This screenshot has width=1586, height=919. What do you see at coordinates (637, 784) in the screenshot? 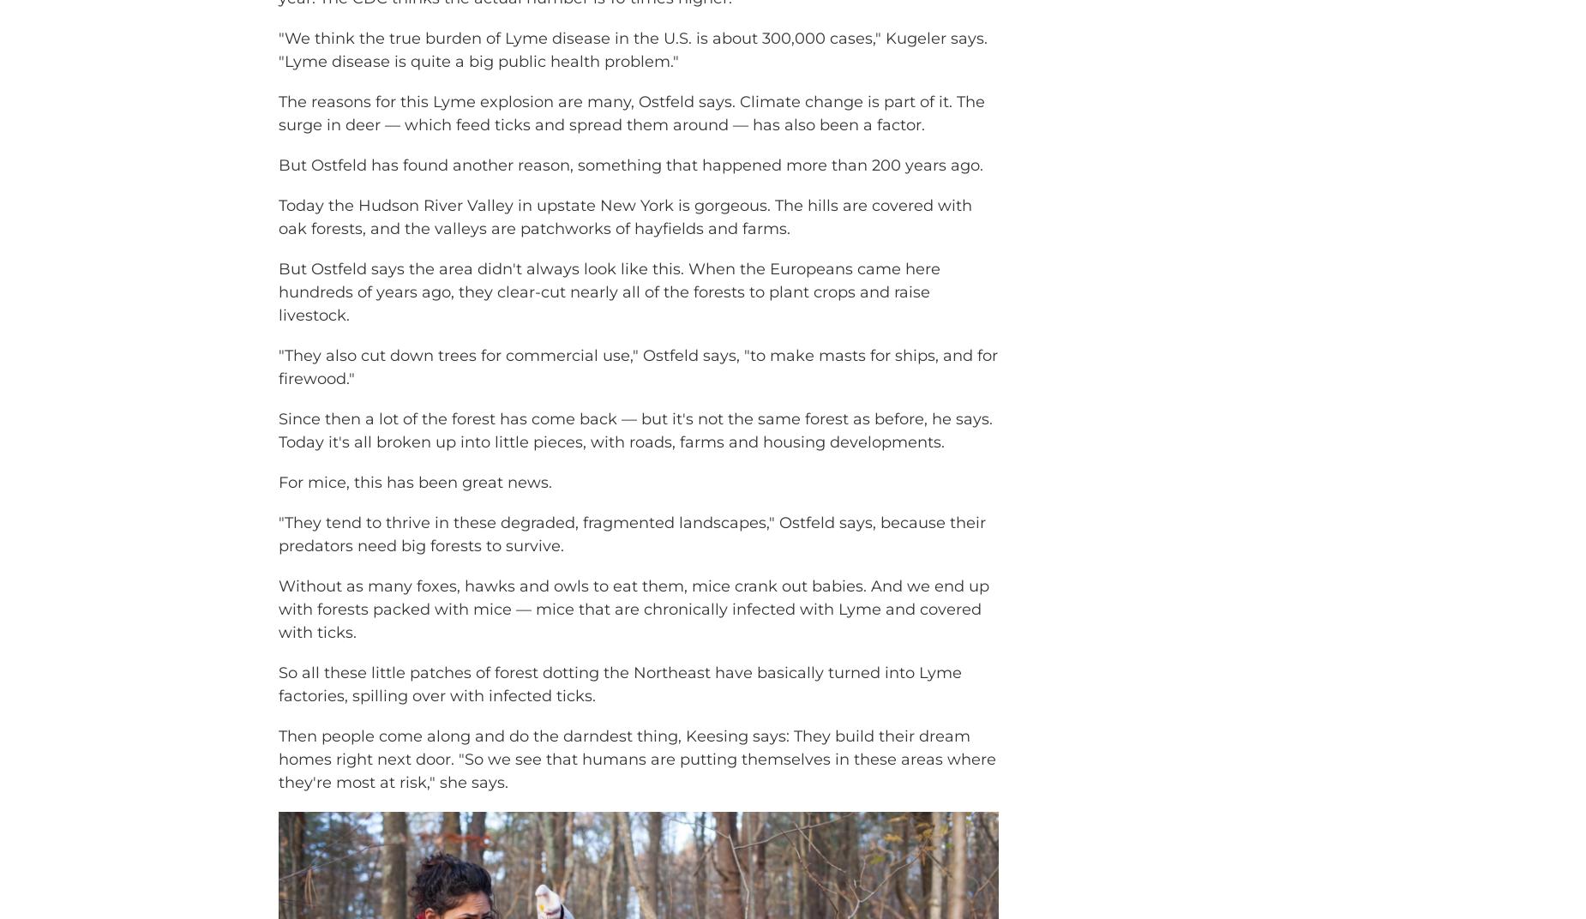
I see `'Then people come along and do the darndest thing, Keesing says: They build their dream homes right next door. "So we see that humans are putting themselves in these areas where they're most at risk," she says.'` at bounding box center [637, 784].